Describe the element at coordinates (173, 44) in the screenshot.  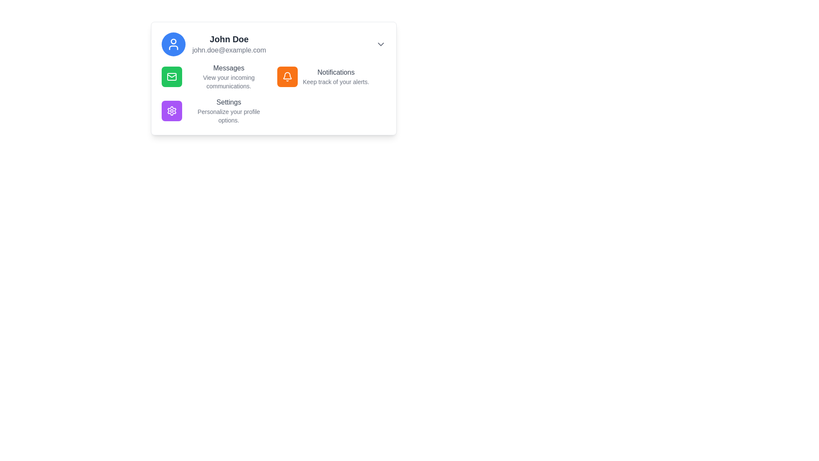
I see `the user profile silhouette icon, which is white on a blue circular background` at that location.